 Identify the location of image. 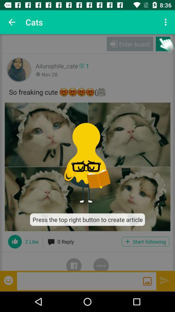
(87, 166).